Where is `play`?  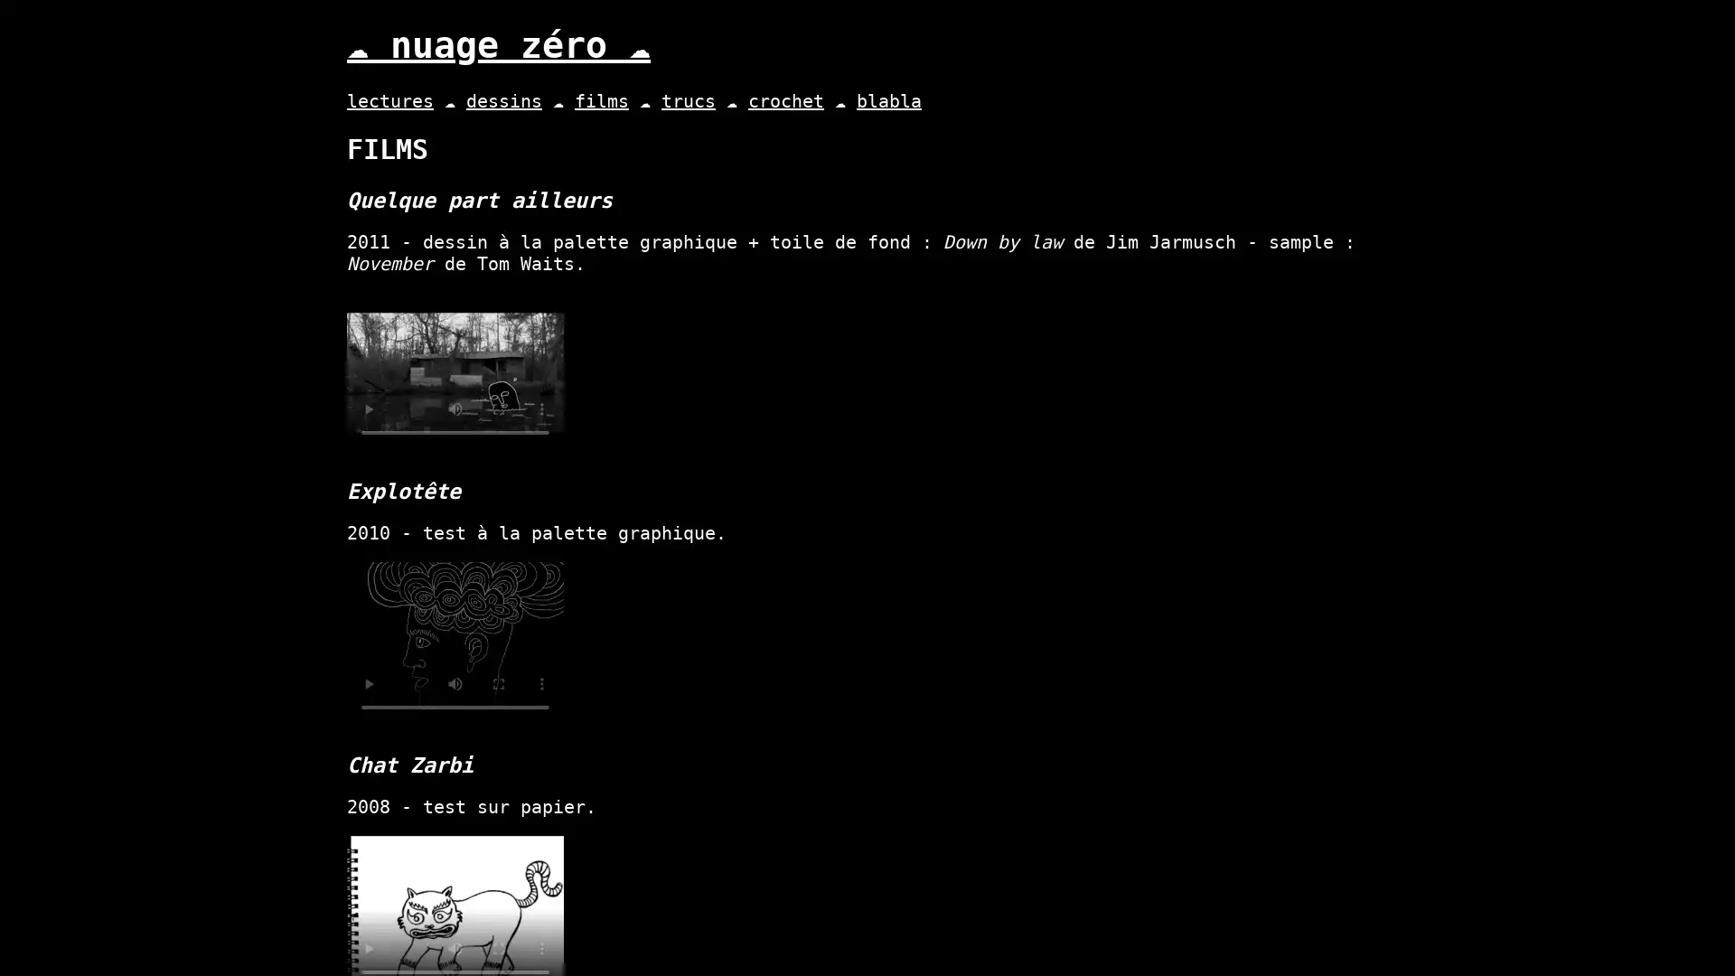
play is located at coordinates (368, 947).